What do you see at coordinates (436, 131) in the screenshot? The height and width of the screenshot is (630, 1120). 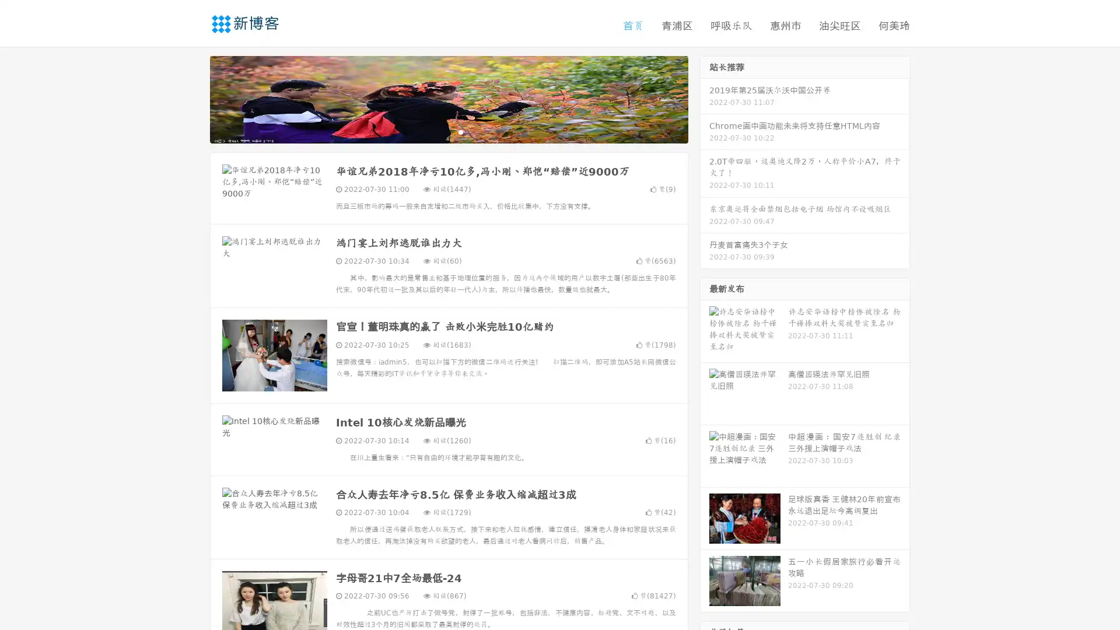 I see `Go to slide 1` at bounding box center [436, 131].